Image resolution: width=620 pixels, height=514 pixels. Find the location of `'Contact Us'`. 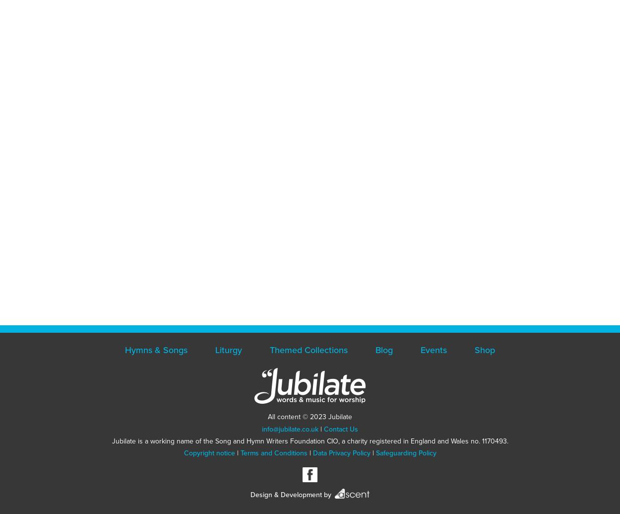

'Contact Us' is located at coordinates (341, 428).